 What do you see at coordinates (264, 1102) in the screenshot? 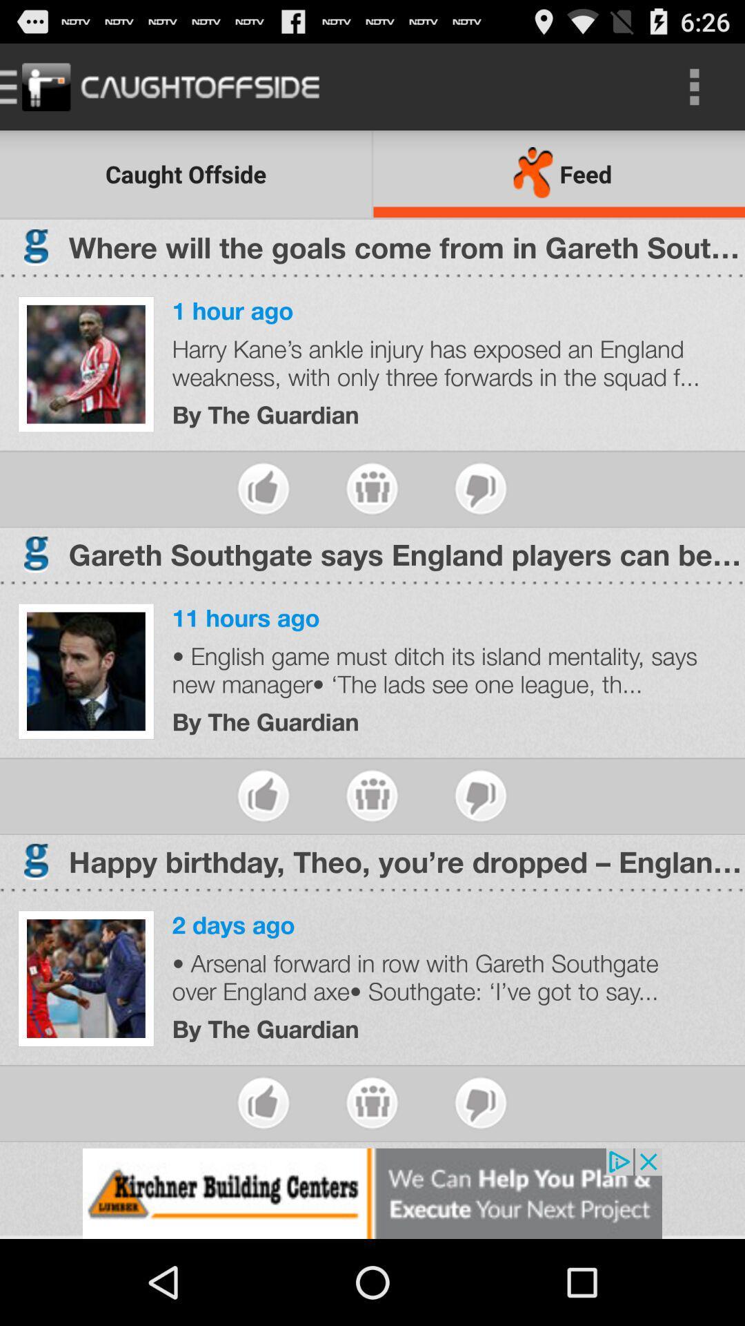
I see `like symbol` at bounding box center [264, 1102].